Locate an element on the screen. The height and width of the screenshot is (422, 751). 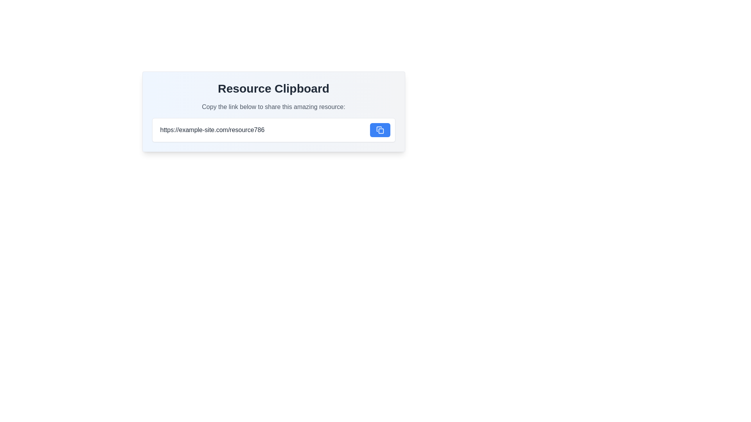
the text input field for URL editing, which currently displays 'https://example-site.com/resource786', to focus on it is located at coordinates (262, 129).